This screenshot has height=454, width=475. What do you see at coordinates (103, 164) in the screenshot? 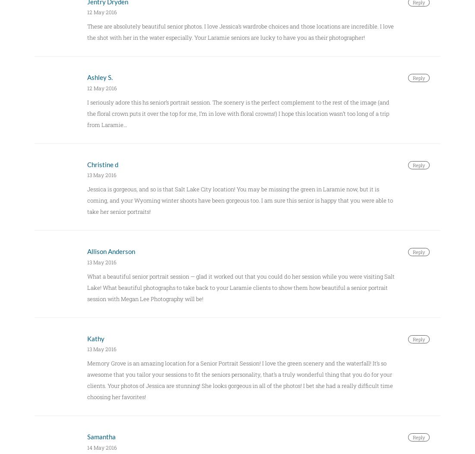
I see `'Christine d'` at bounding box center [103, 164].